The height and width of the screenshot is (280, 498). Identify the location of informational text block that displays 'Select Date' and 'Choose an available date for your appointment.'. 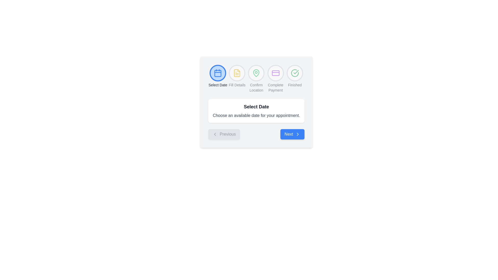
(256, 111).